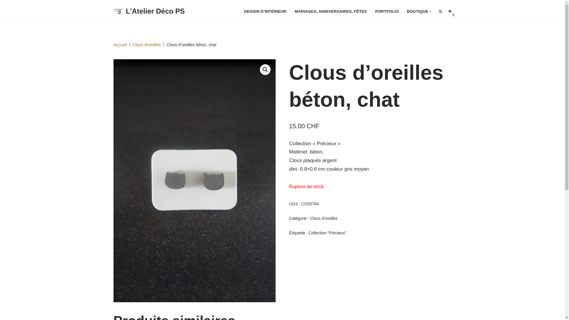 The image size is (569, 320). Describe the element at coordinates (119, 44) in the screenshot. I see `'Accueil'` at that location.